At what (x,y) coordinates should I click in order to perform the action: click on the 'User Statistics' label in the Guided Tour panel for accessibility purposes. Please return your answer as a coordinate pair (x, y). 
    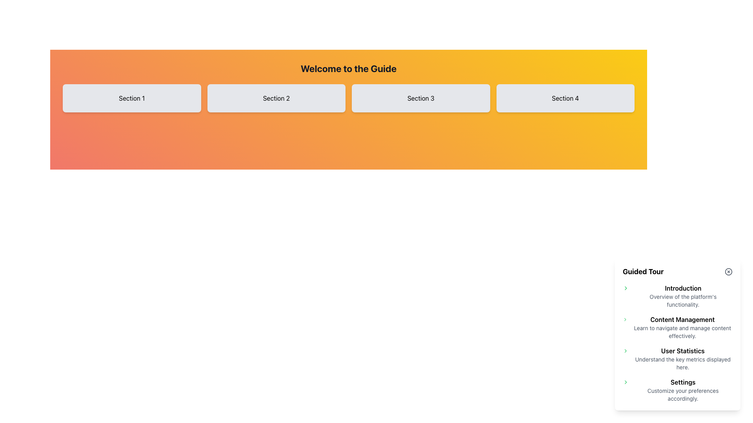
    Looking at the image, I should click on (682, 358).